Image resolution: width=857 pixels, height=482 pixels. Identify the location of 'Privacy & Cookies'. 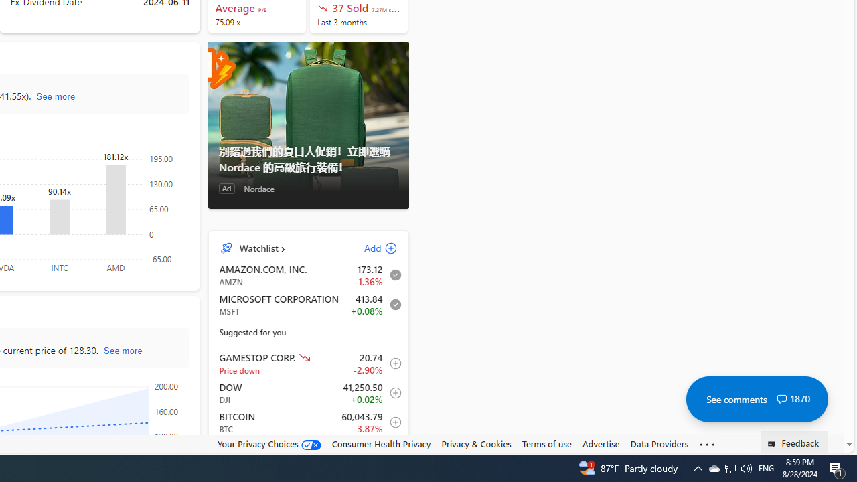
(476, 444).